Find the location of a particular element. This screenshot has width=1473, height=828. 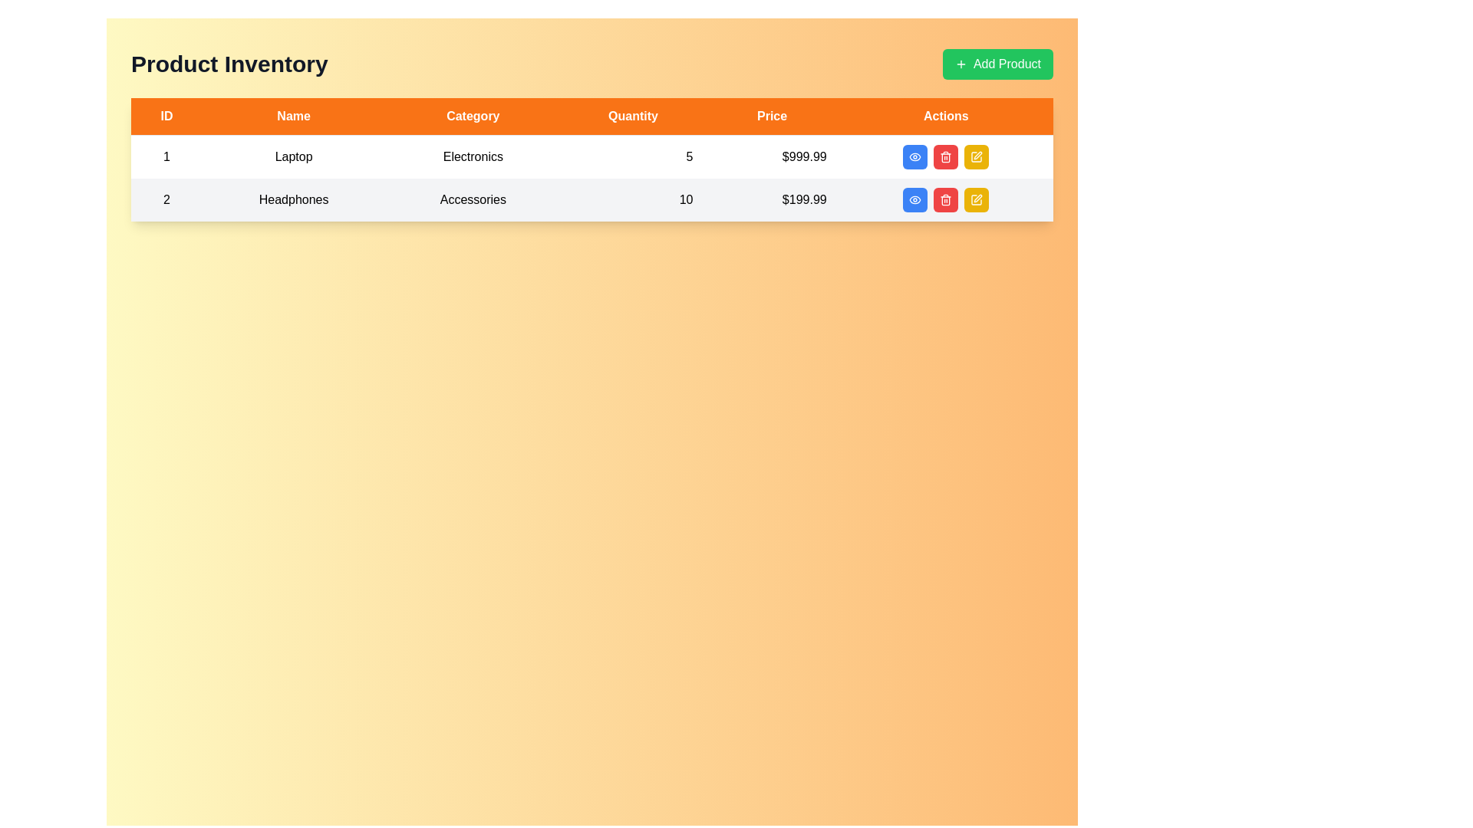

the edit icon located centrally within the yellow edit button in the 'Actions' column of the second row of the table is located at coordinates (976, 199).